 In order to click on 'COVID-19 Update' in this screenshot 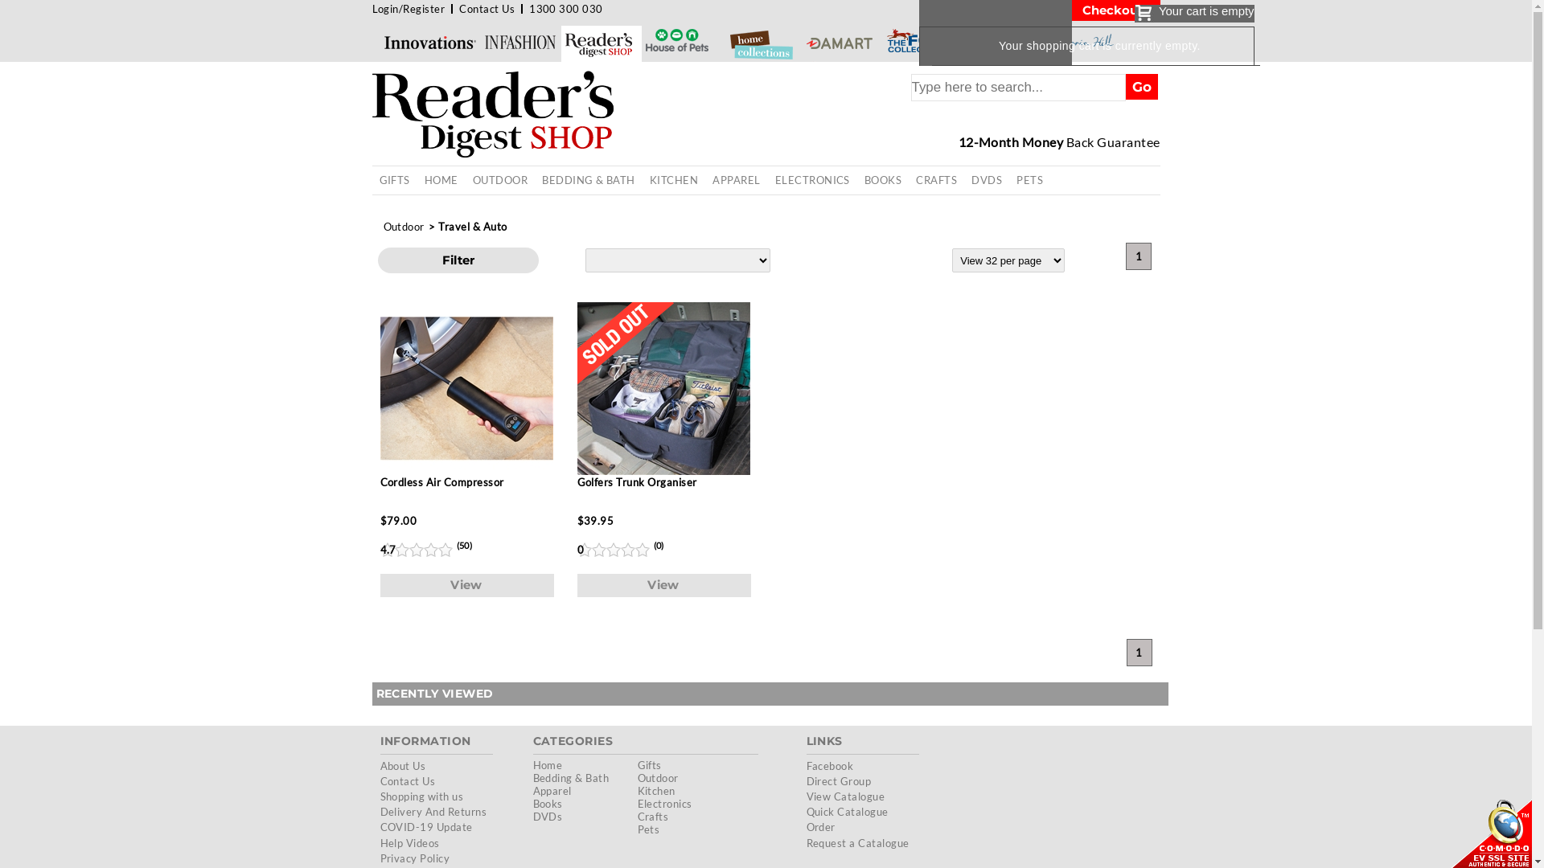, I will do `click(425, 827)`.